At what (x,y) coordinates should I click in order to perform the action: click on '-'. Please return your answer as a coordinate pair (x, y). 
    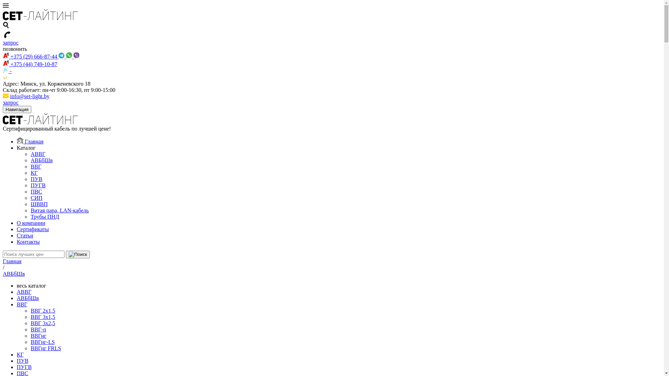
    Looking at the image, I should click on (7, 71).